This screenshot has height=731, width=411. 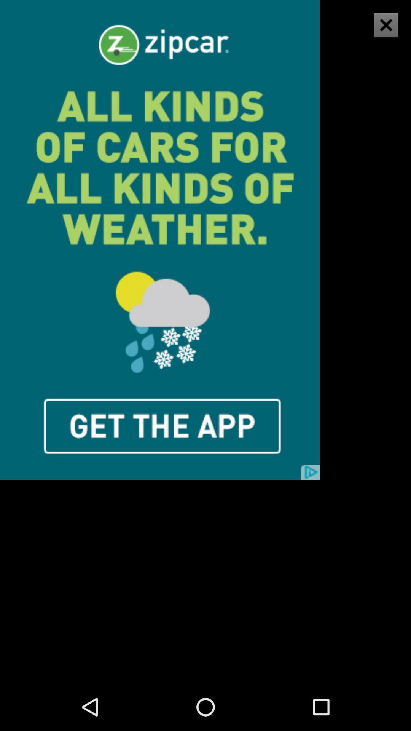 What do you see at coordinates (386, 27) in the screenshot?
I see `the close icon` at bounding box center [386, 27].